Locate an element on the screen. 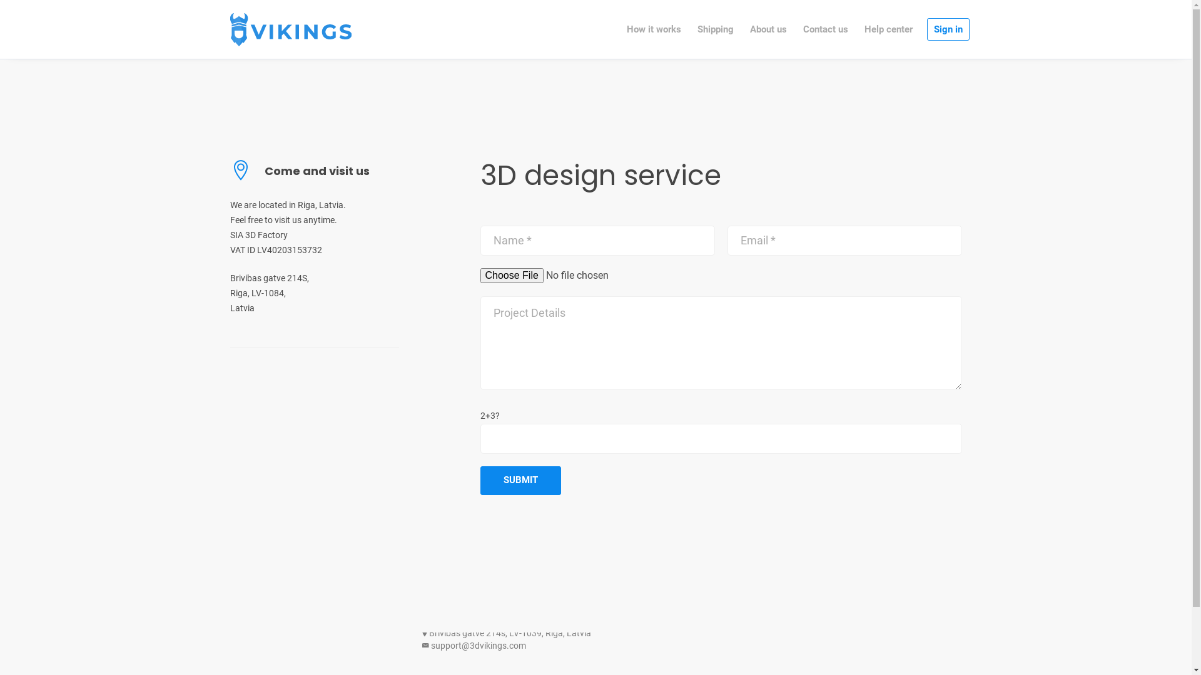  'Contact us' is located at coordinates (826, 28).